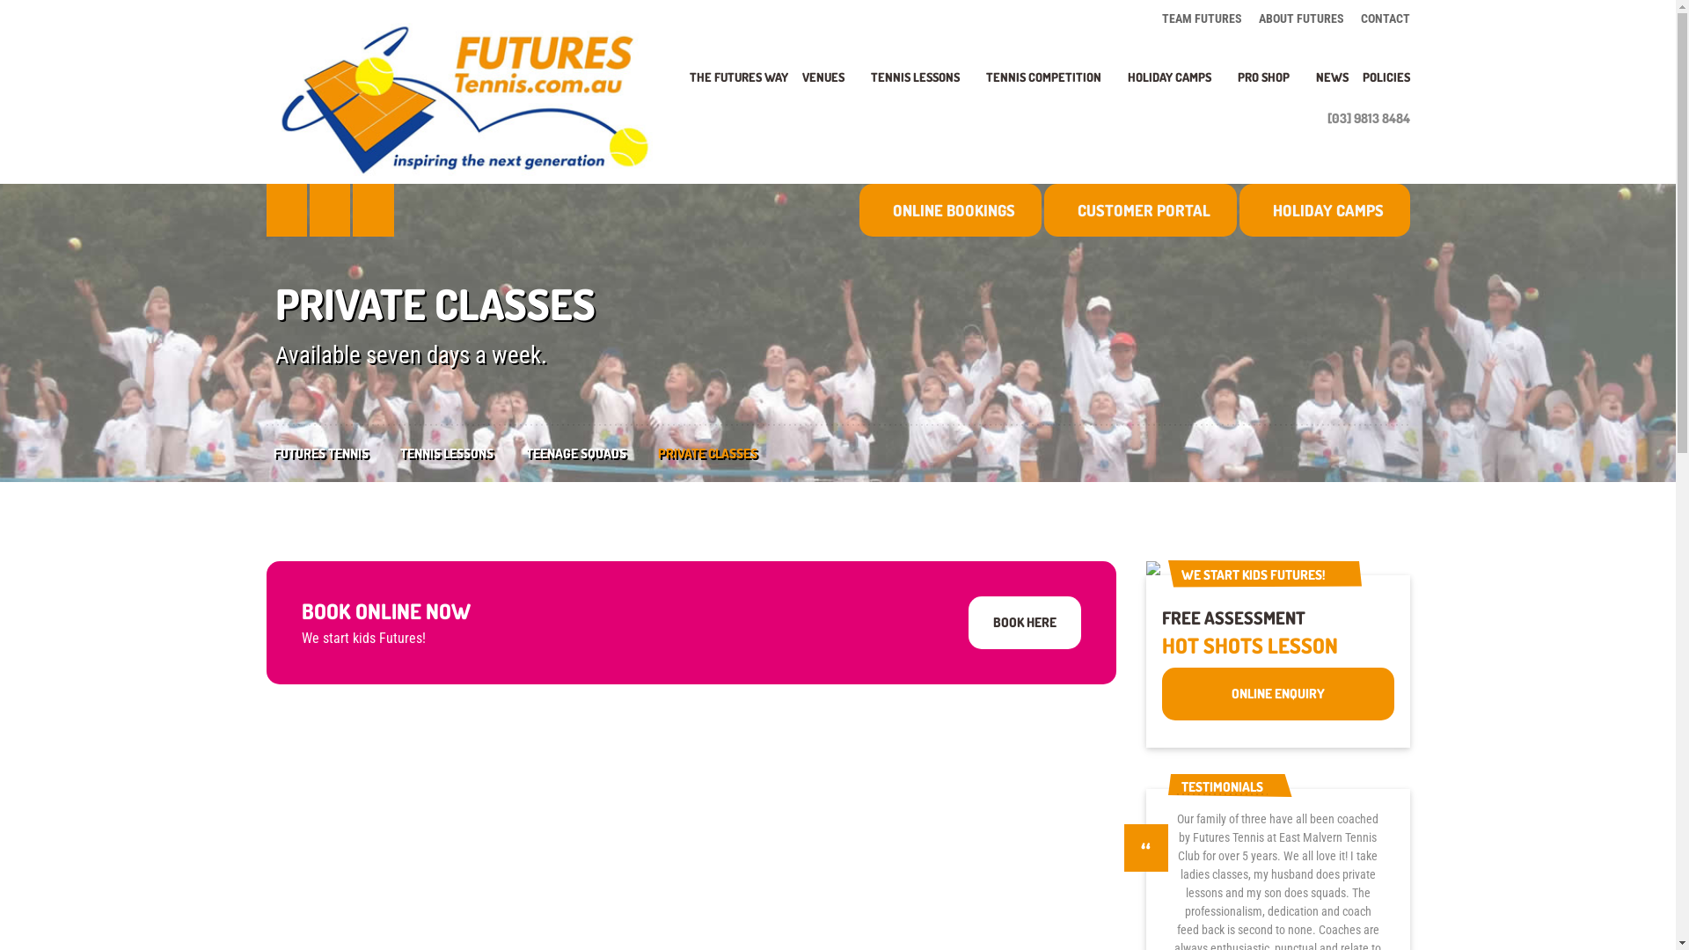  What do you see at coordinates (828, 86) in the screenshot?
I see `'VENUES'` at bounding box center [828, 86].